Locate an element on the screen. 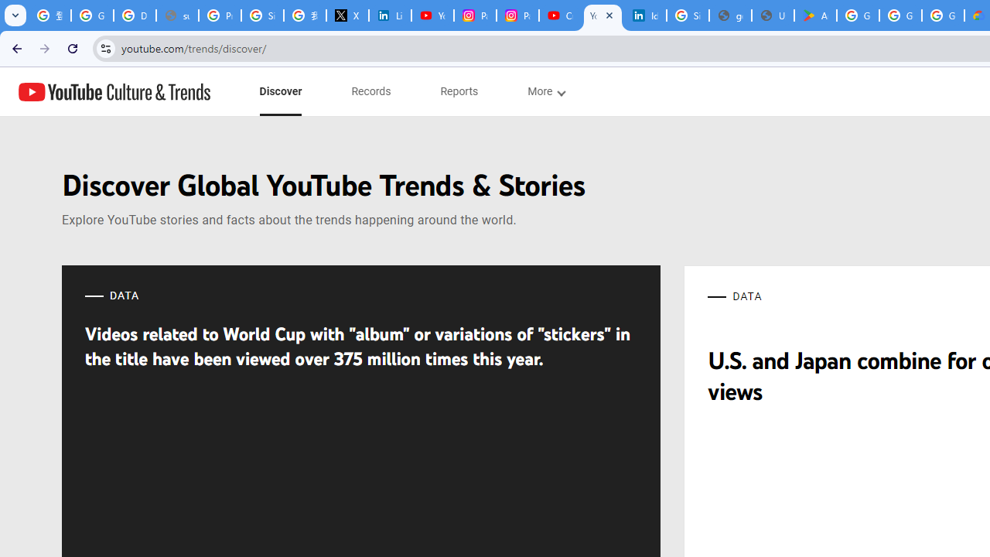 This screenshot has height=557, width=990. 'subnav-Discover menupopup' is located at coordinates (280, 91).